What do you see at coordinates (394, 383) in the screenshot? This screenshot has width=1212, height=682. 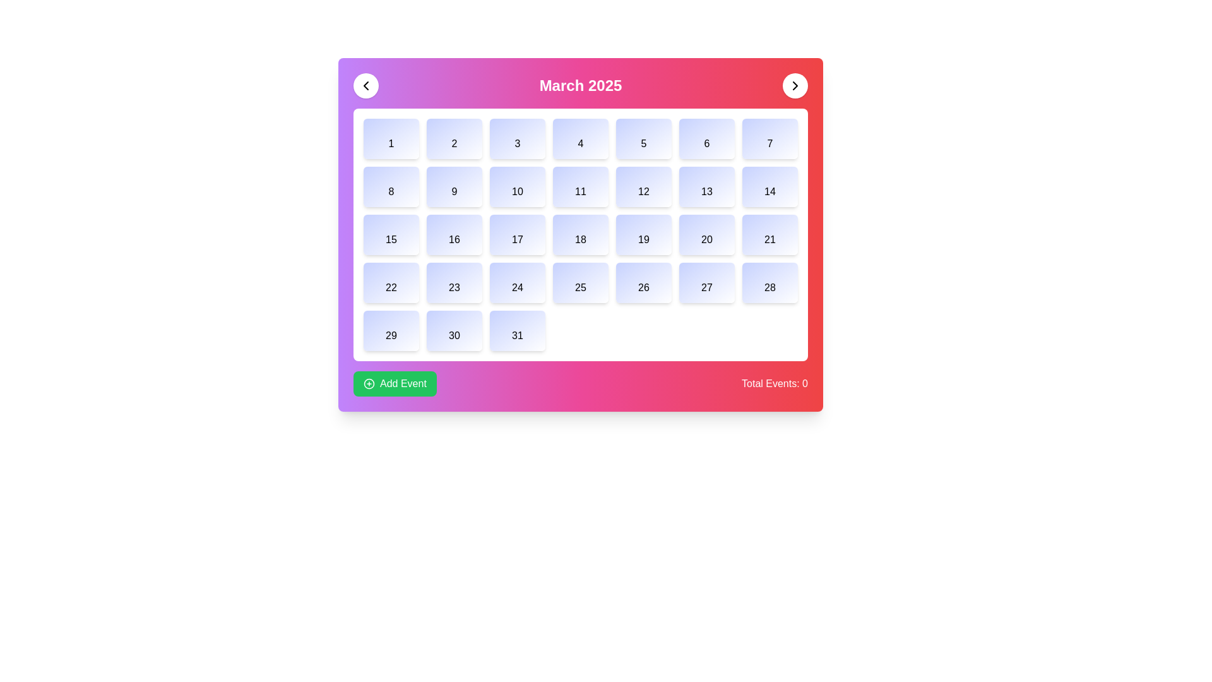 I see `the 'Add Event' button` at bounding box center [394, 383].